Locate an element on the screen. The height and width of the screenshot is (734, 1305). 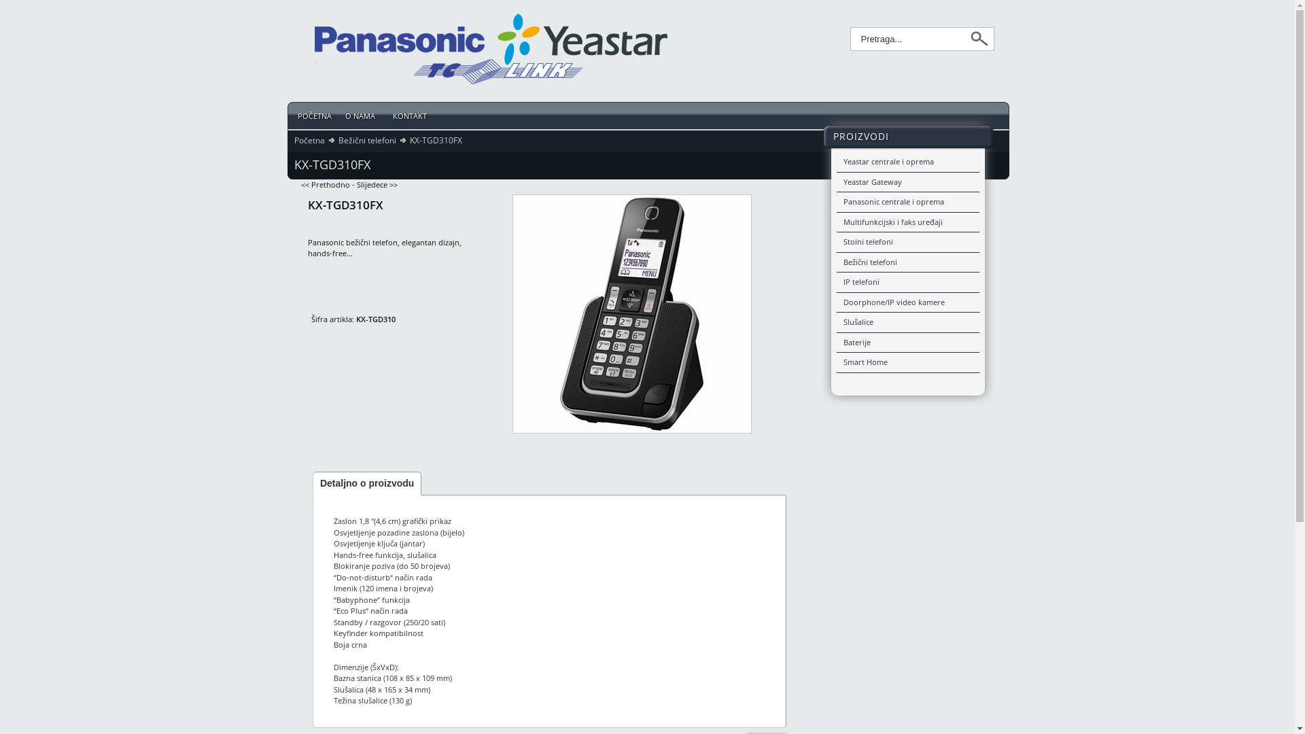
'Panasonic centrale i oprema' is located at coordinates (907, 202).